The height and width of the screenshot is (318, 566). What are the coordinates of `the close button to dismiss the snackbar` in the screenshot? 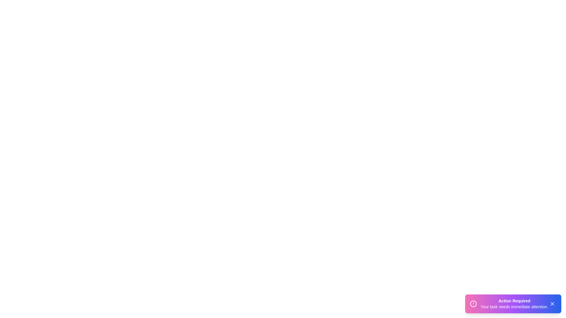 It's located at (552, 304).